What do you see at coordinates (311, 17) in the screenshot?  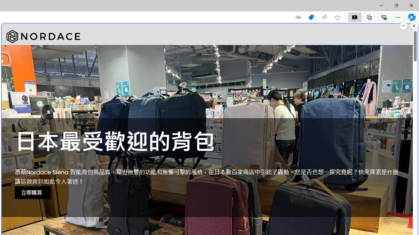 I see `'This site has coupons! Shopping in Microsoft Edge'` at bounding box center [311, 17].